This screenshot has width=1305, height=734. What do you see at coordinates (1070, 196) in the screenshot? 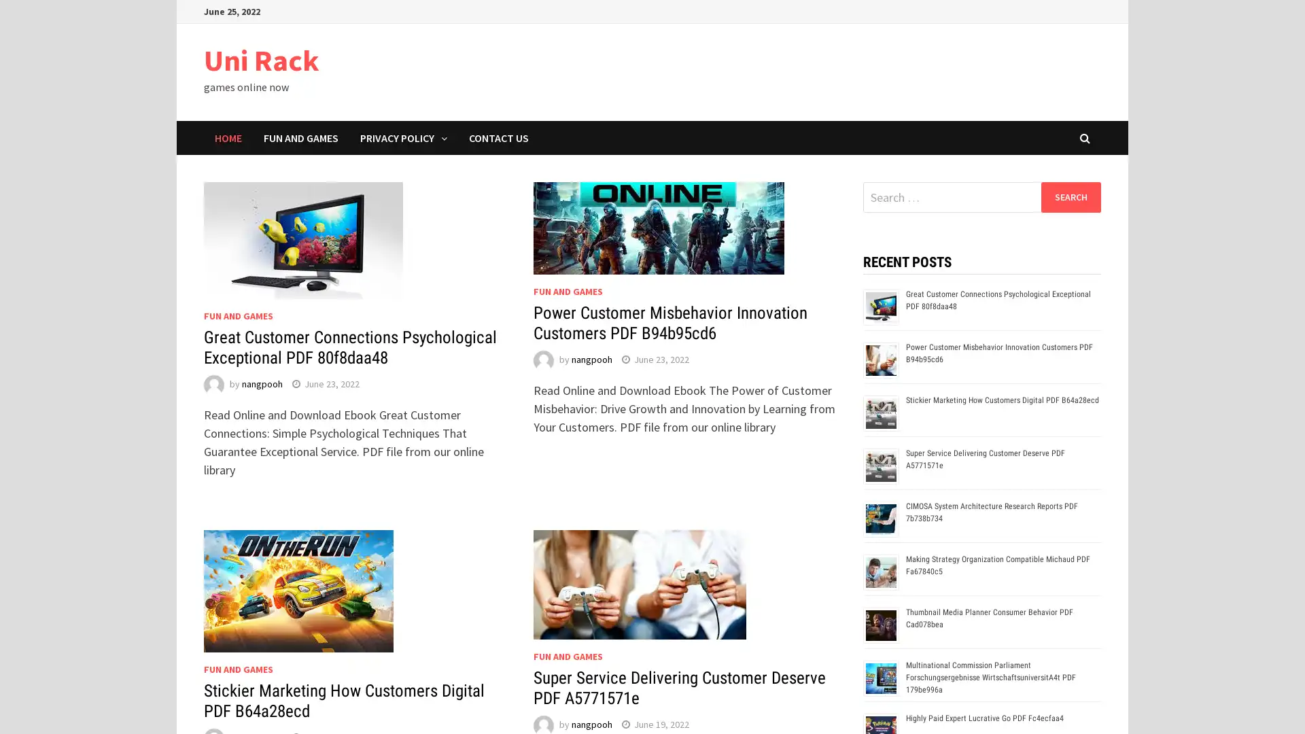
I see `Search` at bounding box center [1070, 196].